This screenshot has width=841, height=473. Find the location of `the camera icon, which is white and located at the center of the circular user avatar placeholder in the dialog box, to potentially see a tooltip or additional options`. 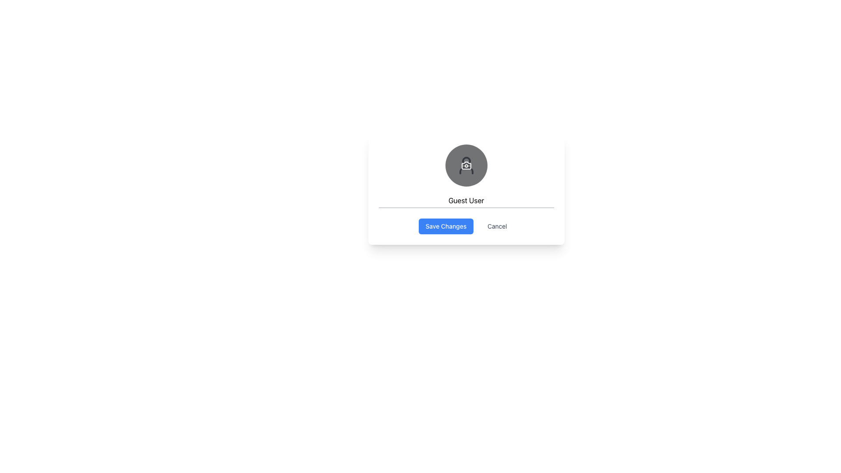

the camera icon, which is white and located at the center of the circular user avatar placeholder in the dialog box, to potentially see a tooltip or additional options is located at coordinates (466, 166).